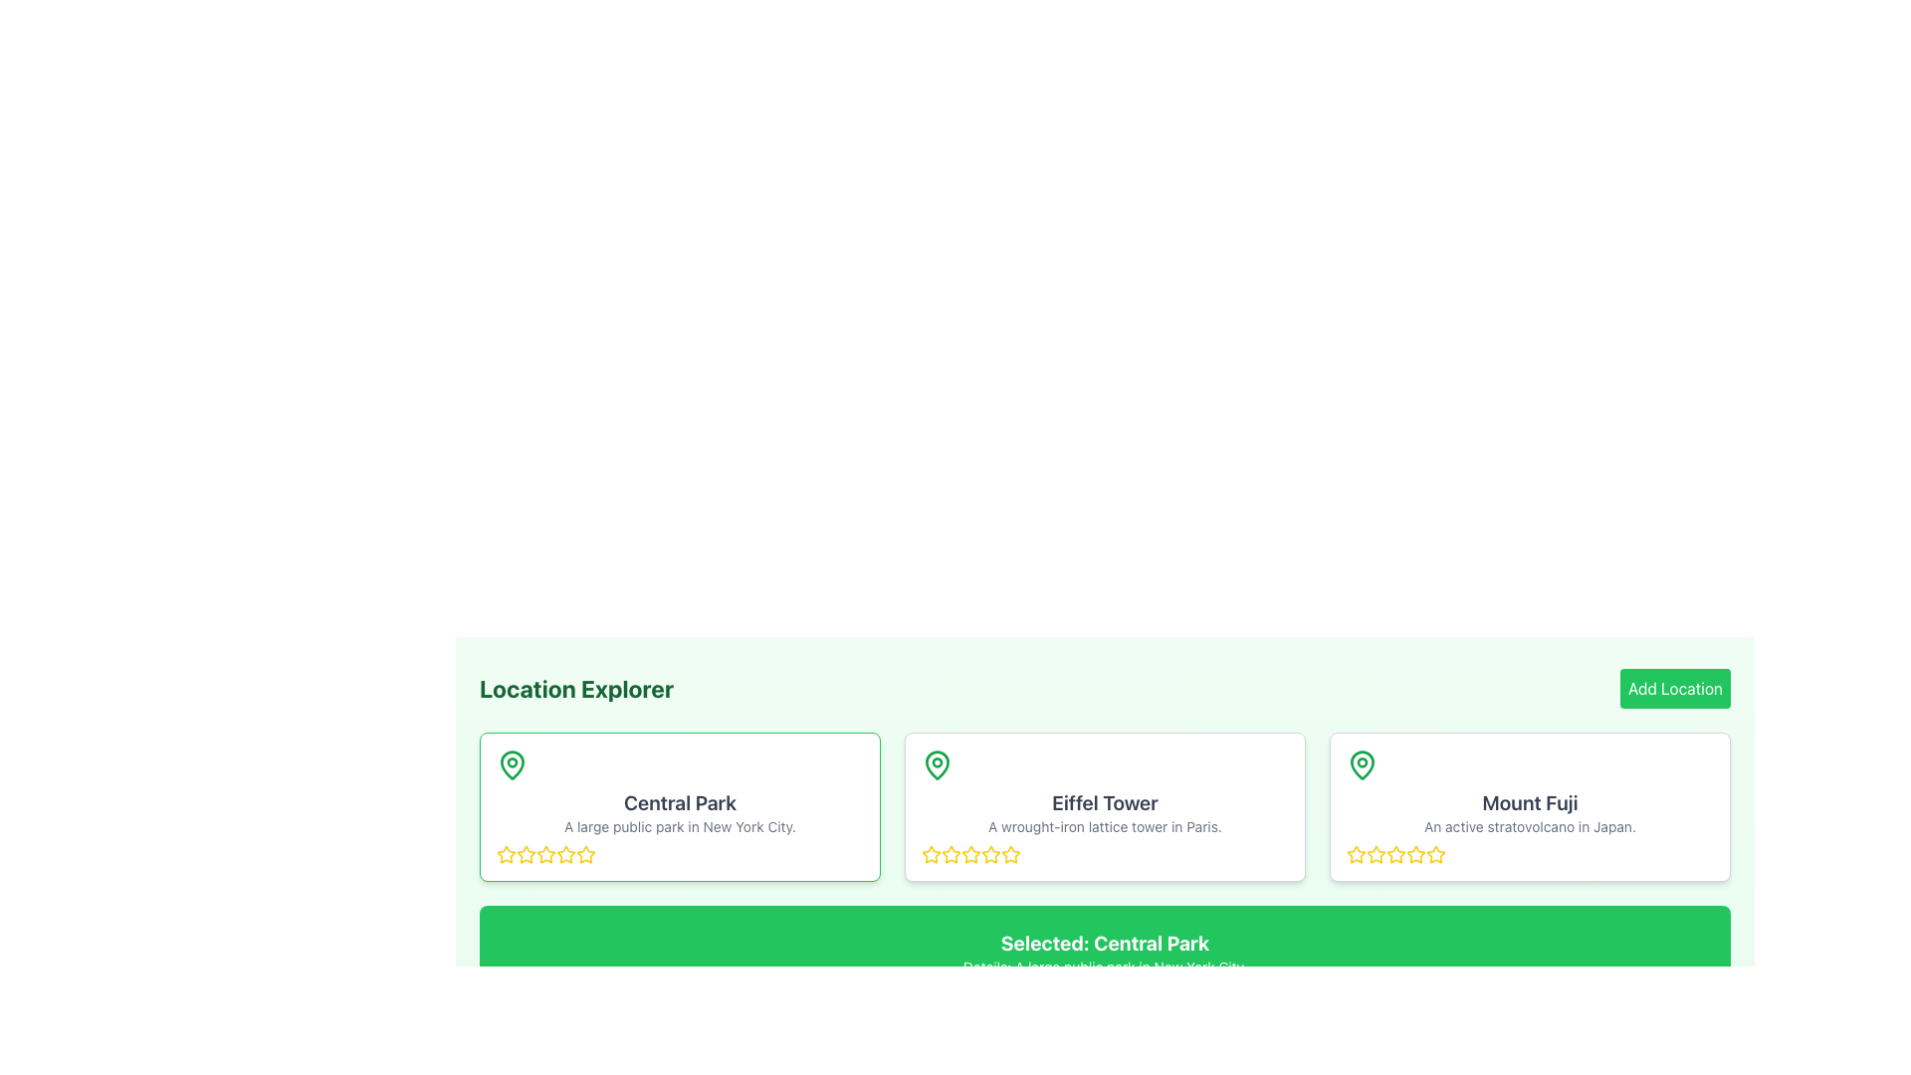 The height and width of the screenshot is (1075, 1911). Describe the element at coordinates (1356, 854) in the screenshot. I see `the first Rating Star Icon under the 'Mount Fuji' card, which is the third card in a horizontal list of items` at that location.